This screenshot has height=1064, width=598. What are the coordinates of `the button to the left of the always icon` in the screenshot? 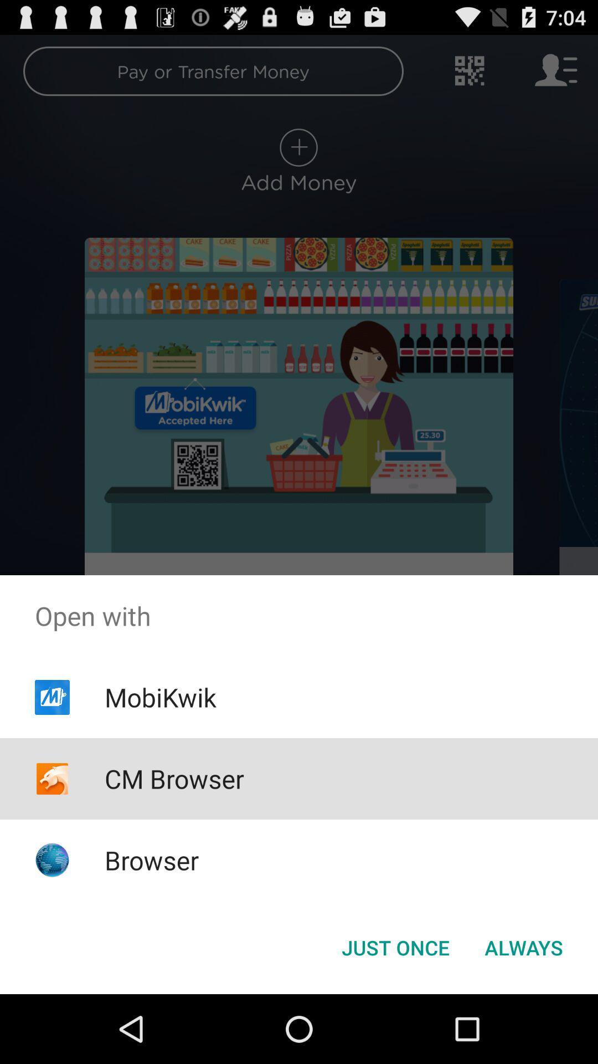 It's located at (395, 947).